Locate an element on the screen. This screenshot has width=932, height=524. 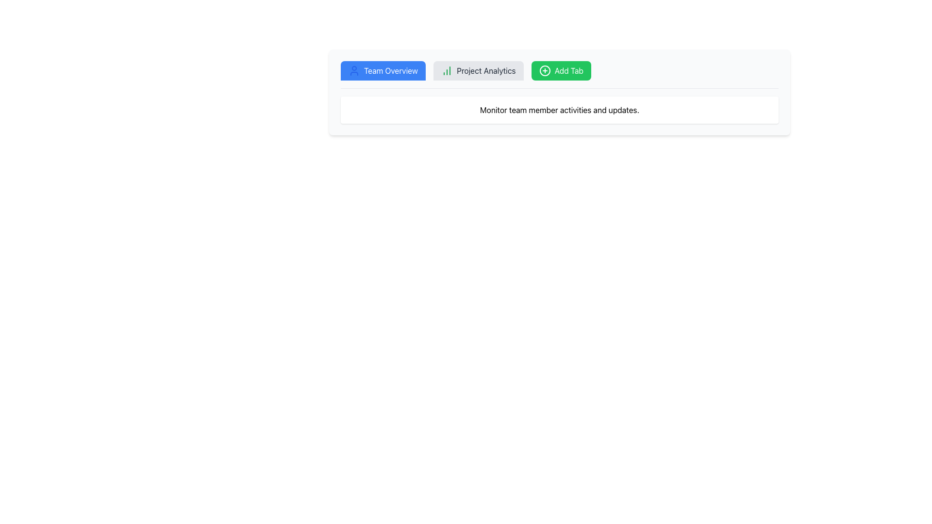
the interactive graphic part of the 'Add Tab' button is located at coordinates (545, 70).